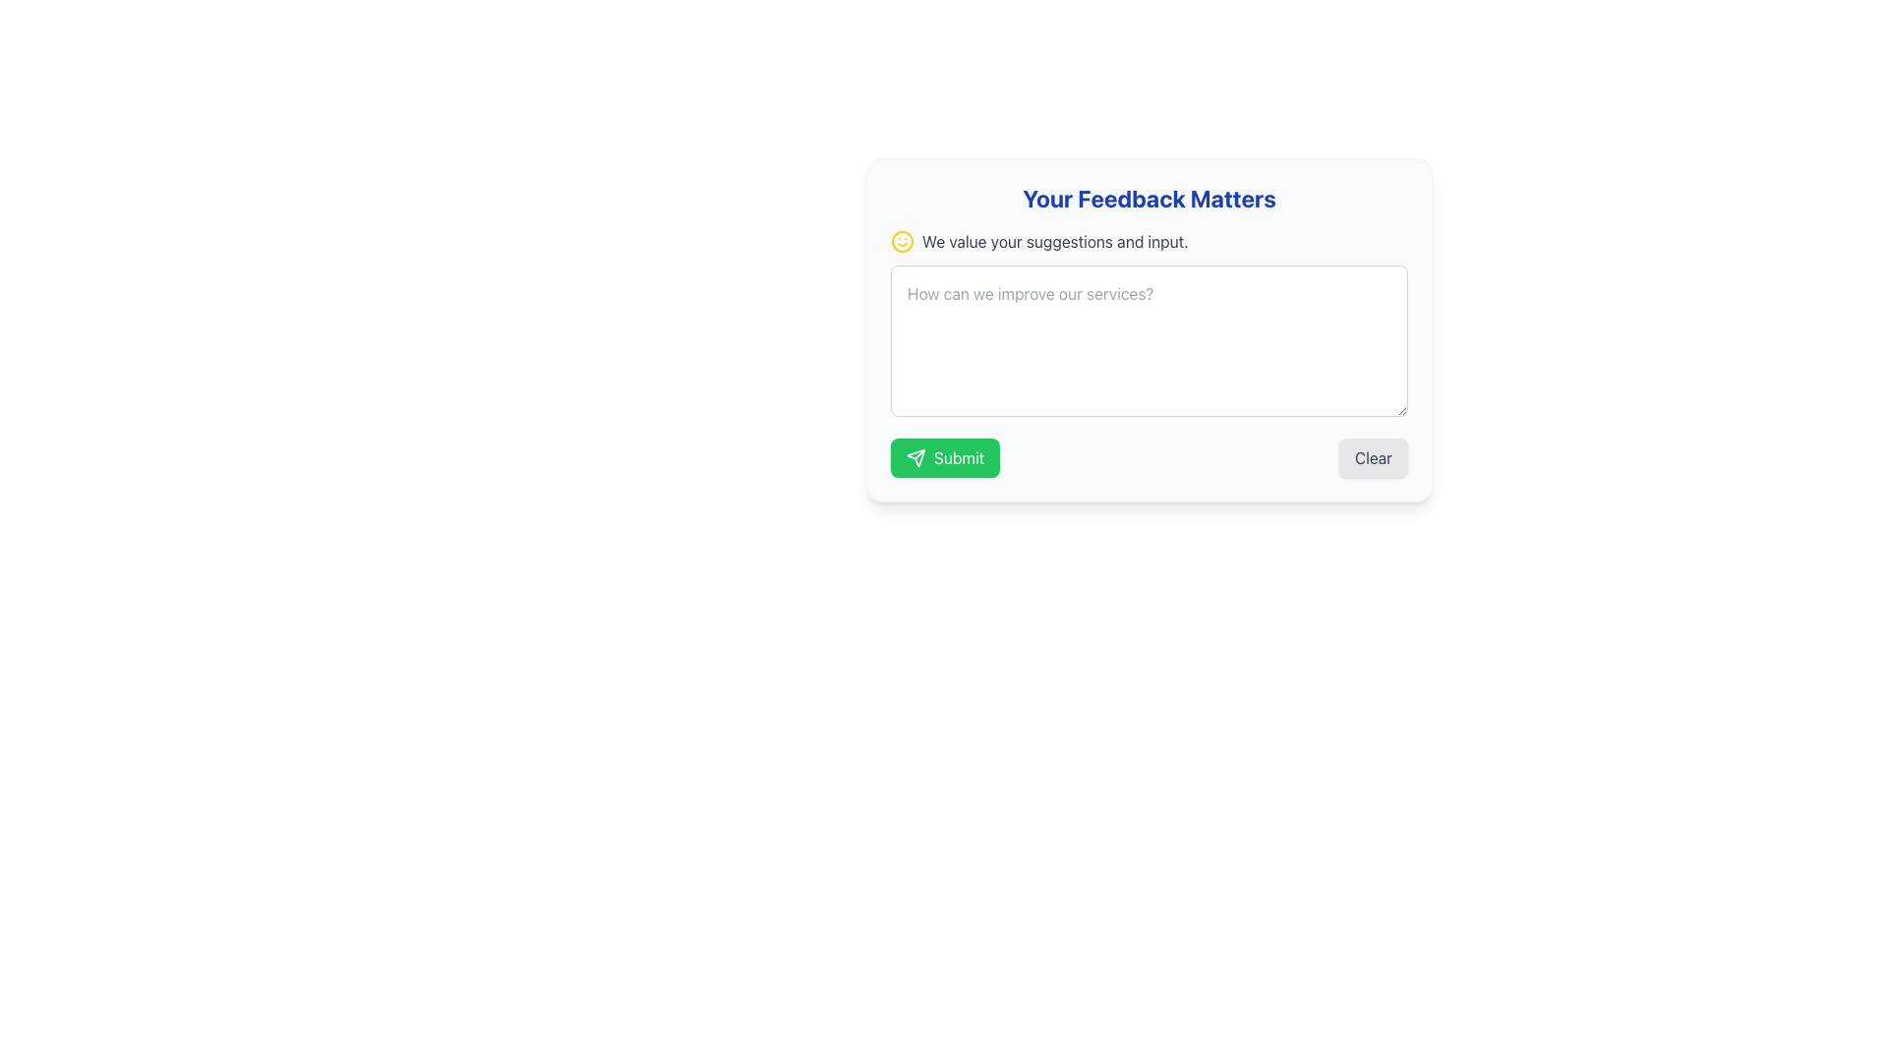 Image resolution: width=1888 pixels, height=1062 pixels. What do you see at coordinates (959, 458) in the screenshot?
I see `the 'Submit' button containing the text label for submission to observe any hover effects` at bounding box center [959, 458].